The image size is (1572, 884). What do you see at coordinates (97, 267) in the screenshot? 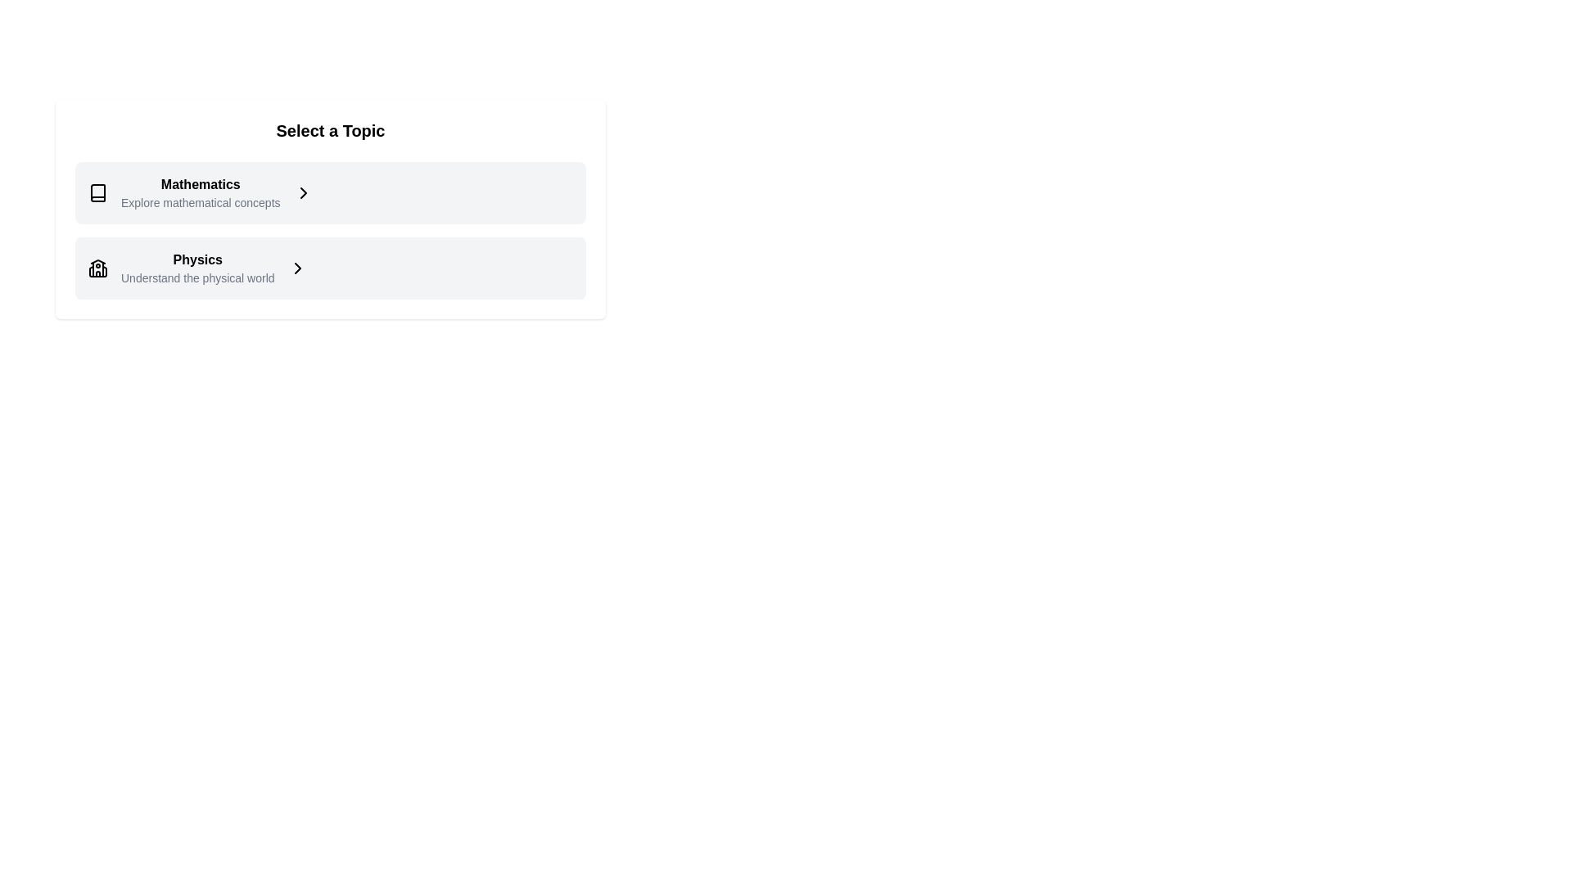
I see `the decorative icon representing the 'Physics' topic located to the left of the text 'Physics' in the 'Select a Topic' section, which is in the second row of topics` at bounding box center [97, 267].